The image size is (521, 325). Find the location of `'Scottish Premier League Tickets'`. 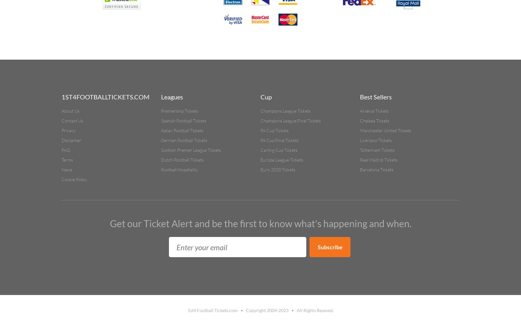

'Scottish Premier League Tickets' is located at coordinates (191, 150).